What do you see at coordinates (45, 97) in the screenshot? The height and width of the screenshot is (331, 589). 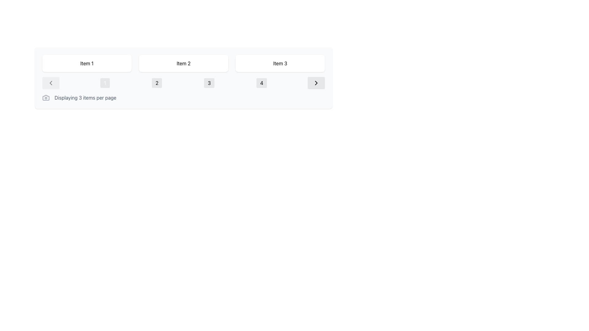 I see `the camera icon in line-art style located in the lower-left section of the pagination control bar` at bounding box center [45, 97].